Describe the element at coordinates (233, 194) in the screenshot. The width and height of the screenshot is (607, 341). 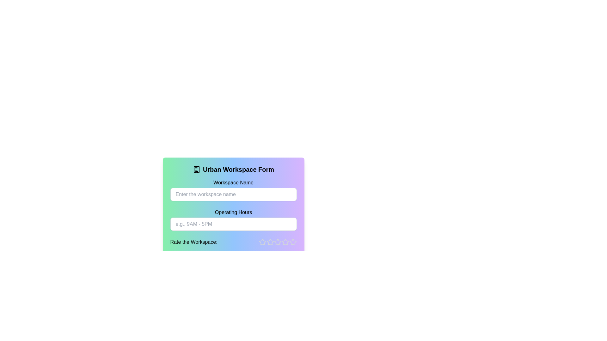
I see `the text input field for entering the workspace name, located beneath the label 'Workspace Name' to focus the input area` at that location.